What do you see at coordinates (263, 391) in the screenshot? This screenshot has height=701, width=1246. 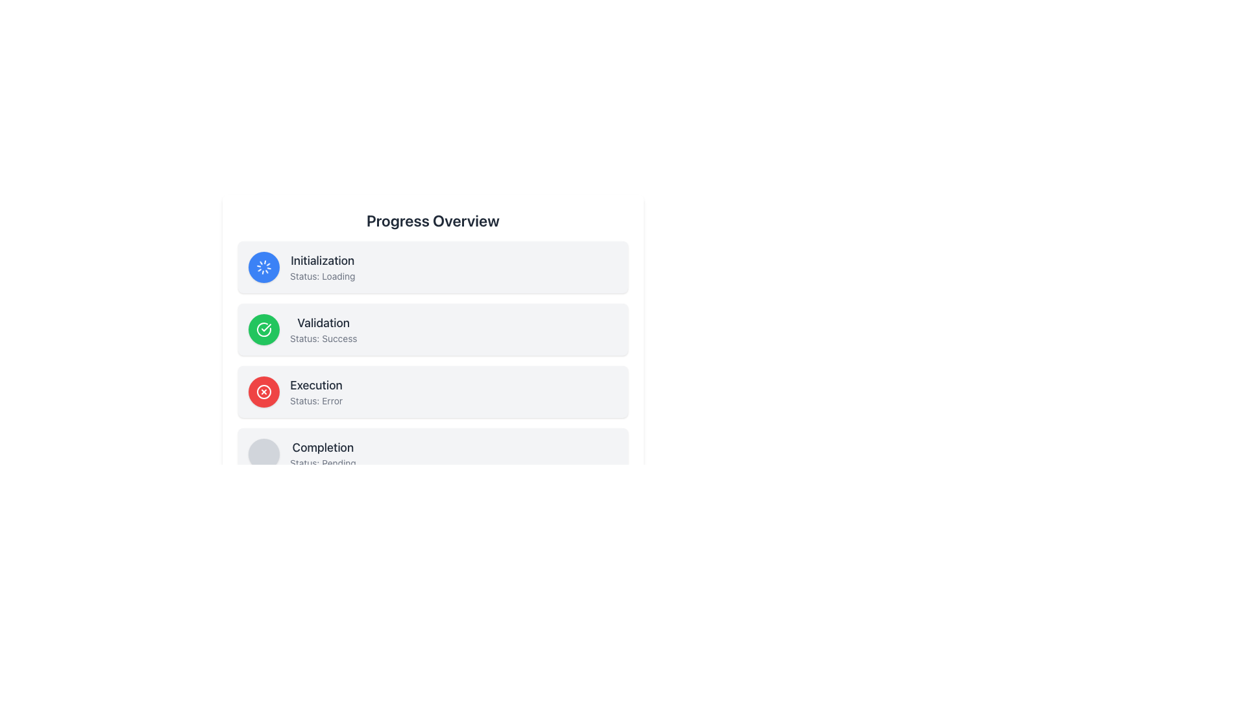 I see `the error icon located next to the 'Execution' text in the 'Progress Overview' section, indicating a stopping status` at bounding box center [263, 391].